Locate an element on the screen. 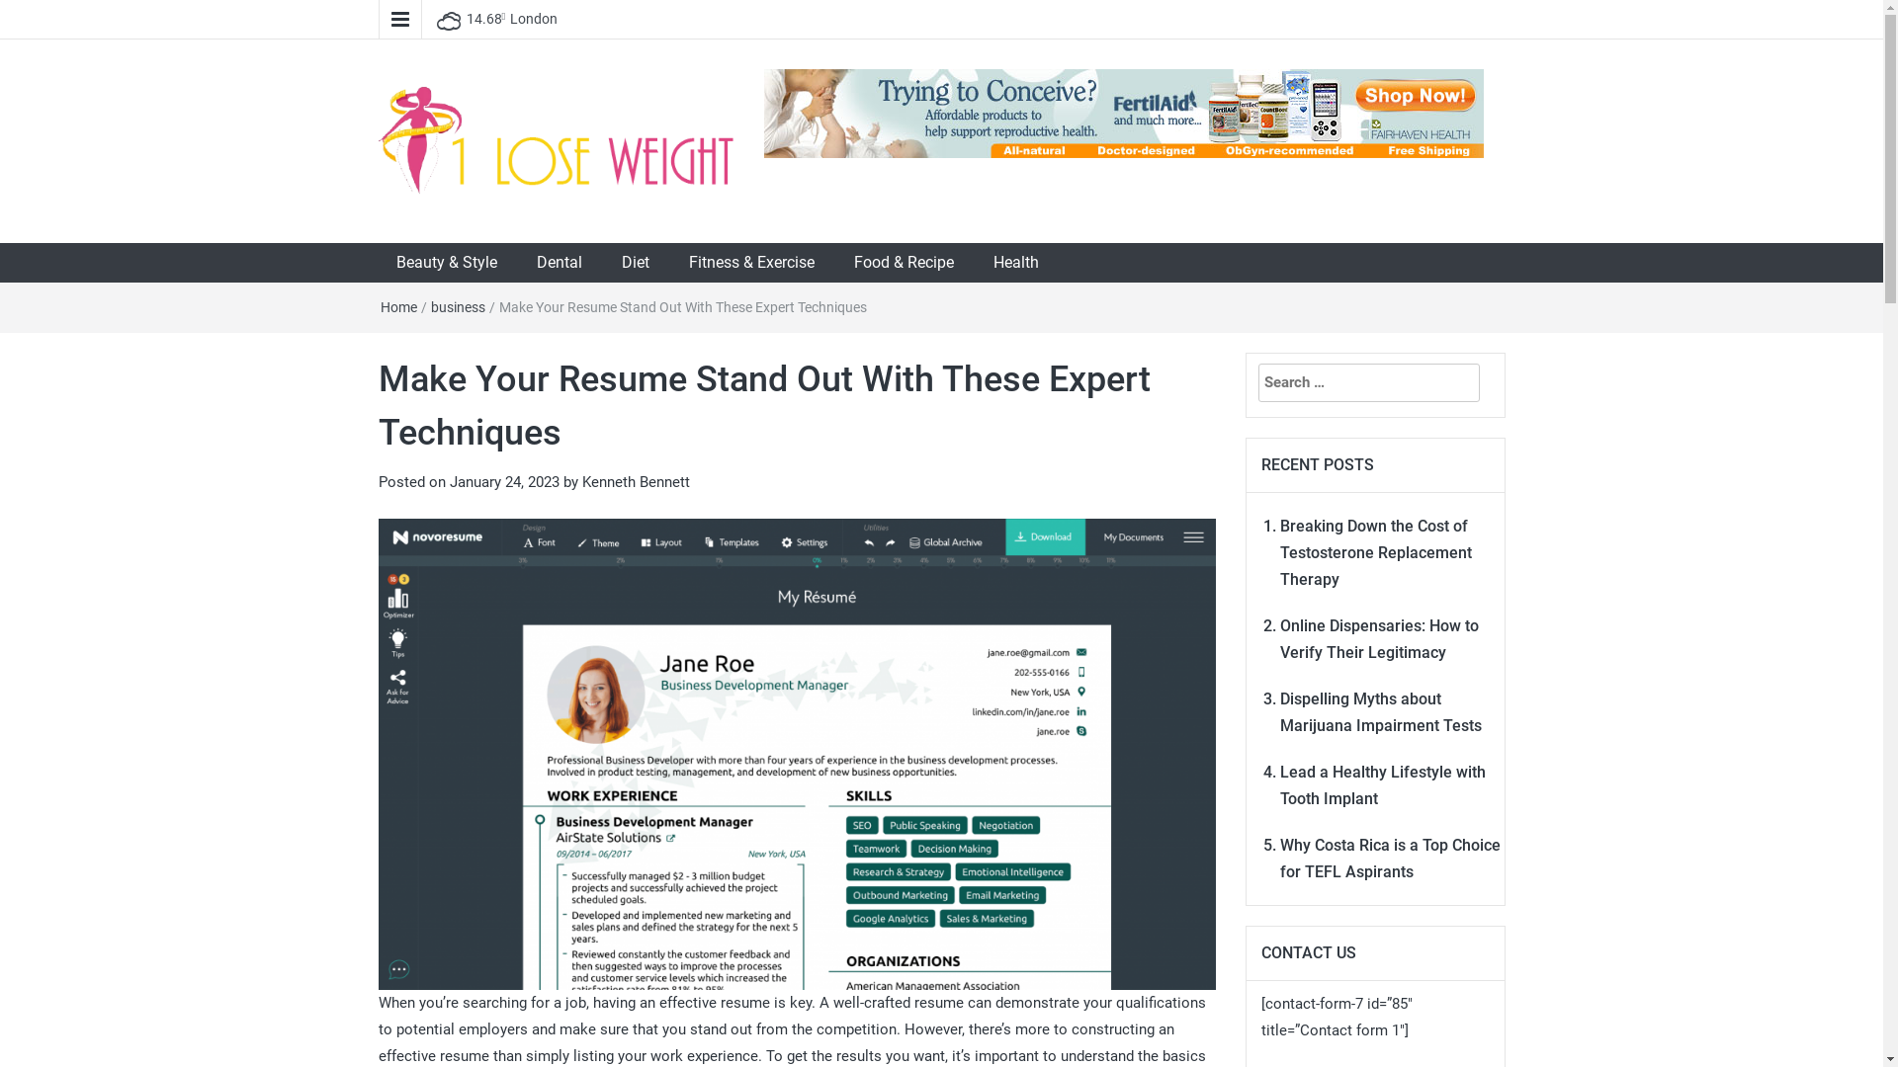 The image size is (1898, 1067). 'Lead a Healthy Lifestyle with Tooth Implant' is located at coordinates (1280, 783).